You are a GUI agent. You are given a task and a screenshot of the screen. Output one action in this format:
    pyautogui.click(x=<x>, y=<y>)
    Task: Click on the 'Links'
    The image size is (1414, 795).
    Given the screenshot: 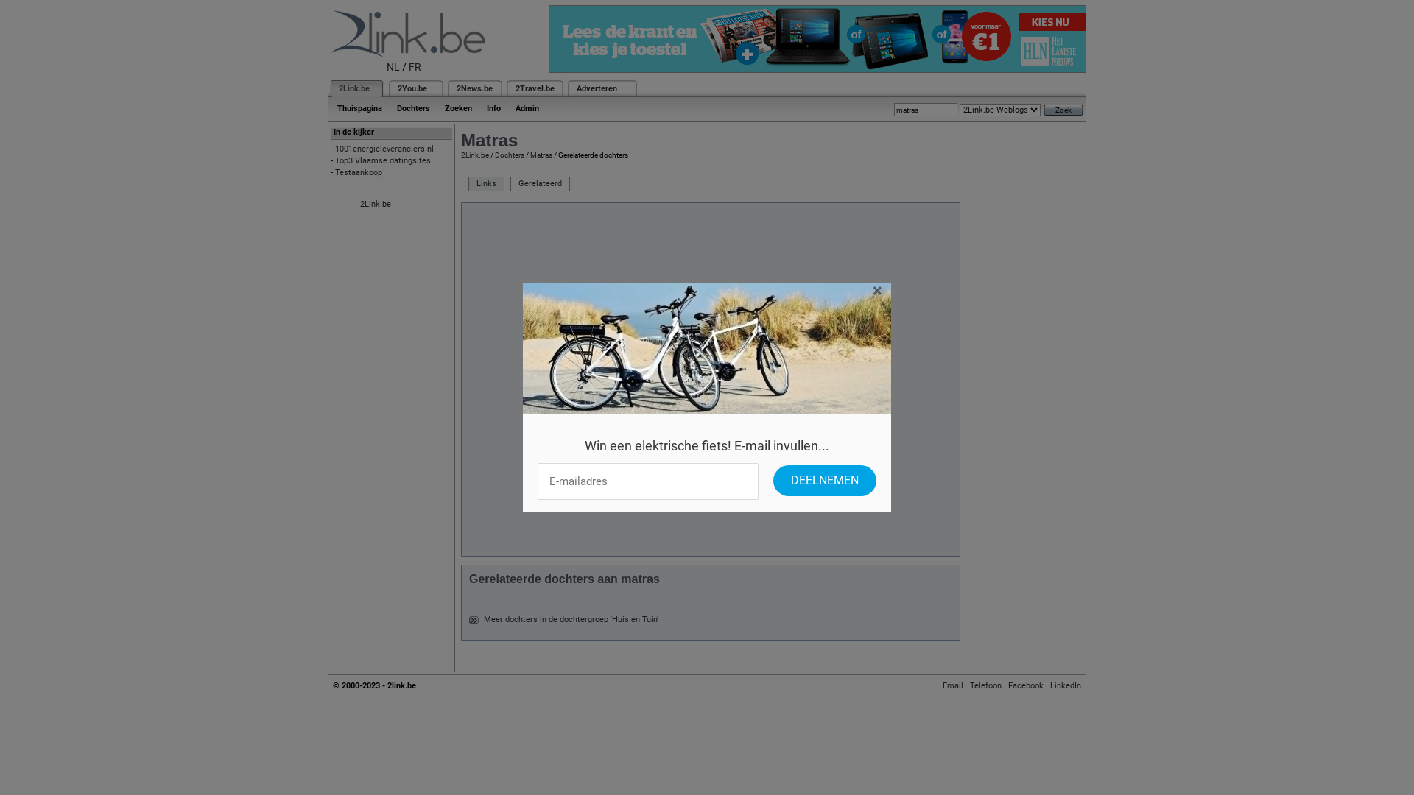 What is the action you would take?
    pyautogui.click(x=486, y=183)
    